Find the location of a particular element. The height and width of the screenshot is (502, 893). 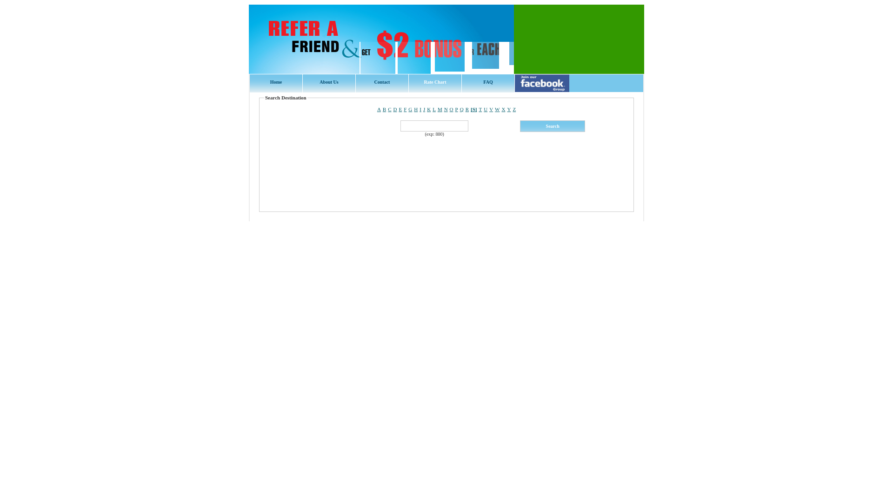

'X' is located at coordinates (502, 109).